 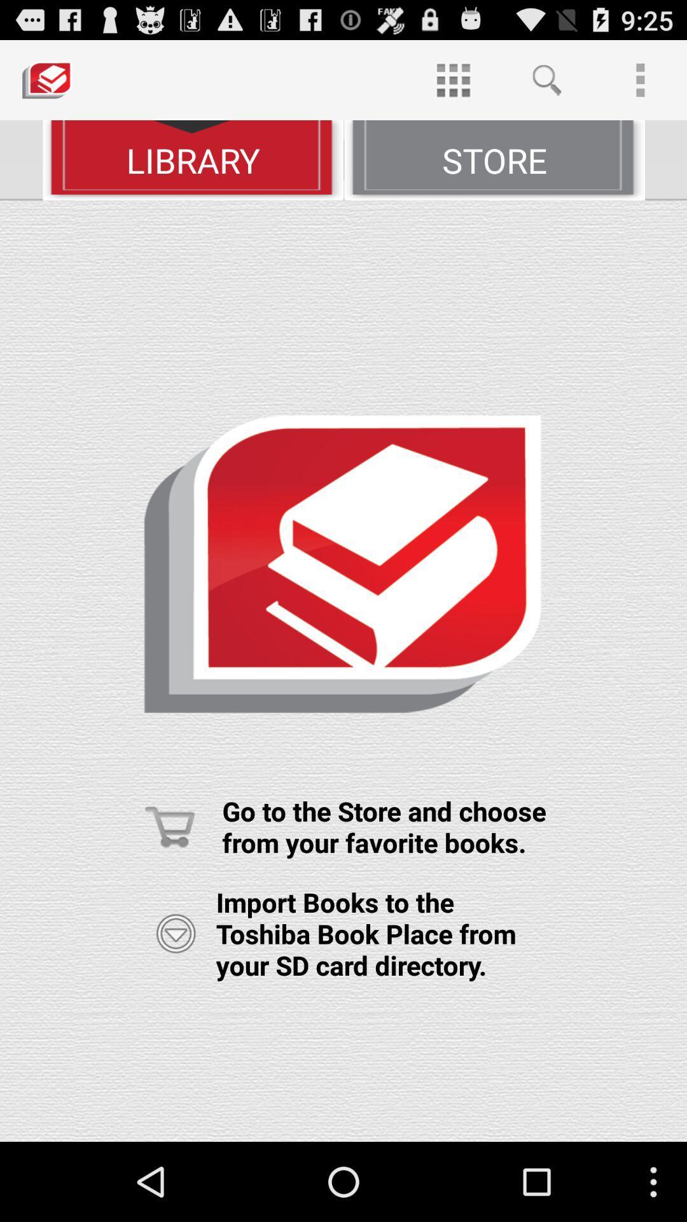 What do you see at coordinates (176, 998) in the screenshot?
I see `the expand_more icon` at bounding box center [176, 998].